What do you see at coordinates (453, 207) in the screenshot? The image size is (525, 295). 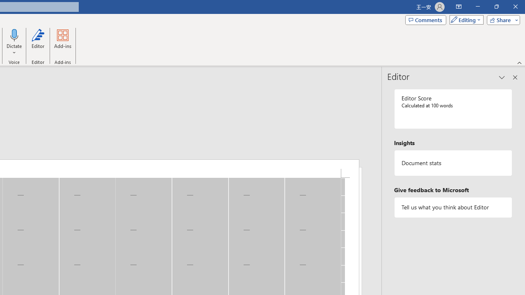 I see `'Tell us what you think about Editor'` at bounding box center [453, 207].